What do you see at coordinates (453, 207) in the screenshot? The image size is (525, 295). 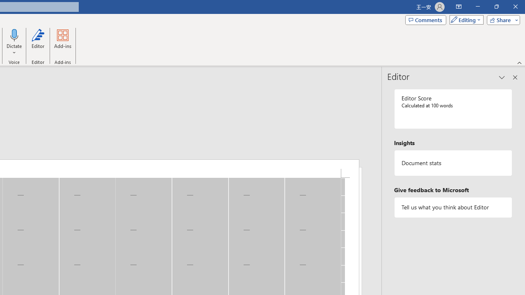 I see `'Tell us what you think about Editor'` at bounding box center [453, 207].